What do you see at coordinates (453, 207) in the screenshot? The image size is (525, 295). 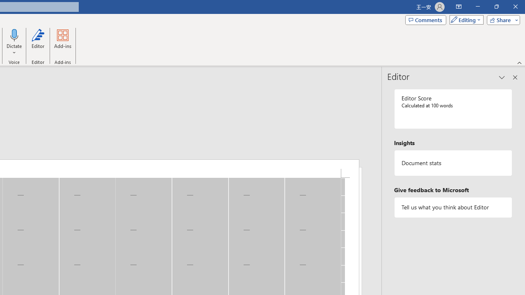 I see `'Tell us what you think about Editor'` at bounding box center [453, 207].